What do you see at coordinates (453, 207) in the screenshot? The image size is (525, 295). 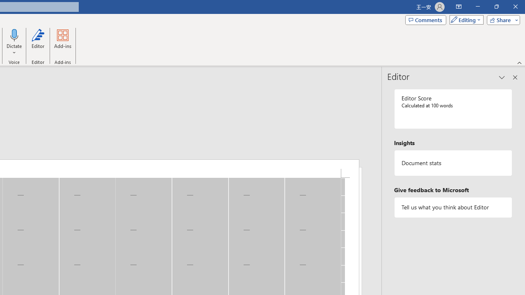 I see `'Tell us what you think about Editor'` at bounding box center [453, 207].